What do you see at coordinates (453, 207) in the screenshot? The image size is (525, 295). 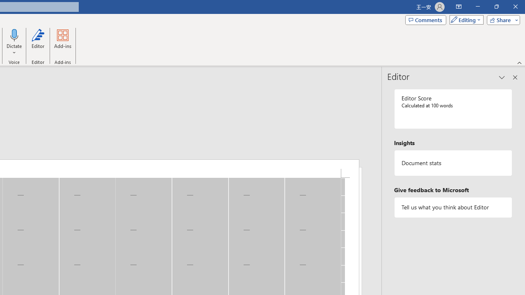 I see `'Tell us what you think about Editor'` at bounding box center [453, 207].